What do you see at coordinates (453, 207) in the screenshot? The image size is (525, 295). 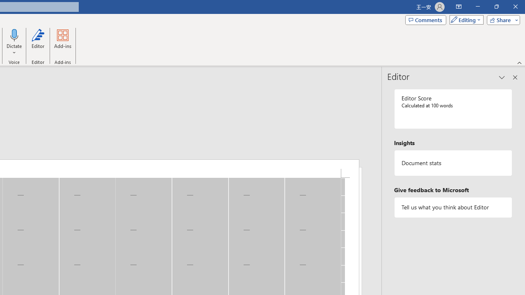 I see `'Tell us what you think about Editor'` at bounding box center [453, 207].